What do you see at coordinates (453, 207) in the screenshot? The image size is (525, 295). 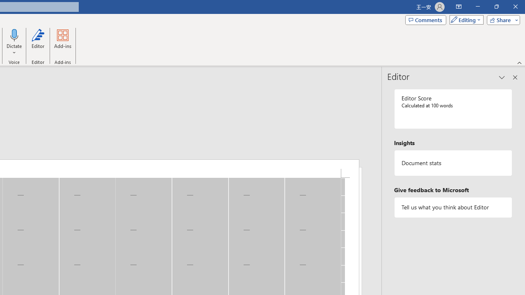 I see `'Tell us what you think about Editor'` at bounding box center [453, 207].